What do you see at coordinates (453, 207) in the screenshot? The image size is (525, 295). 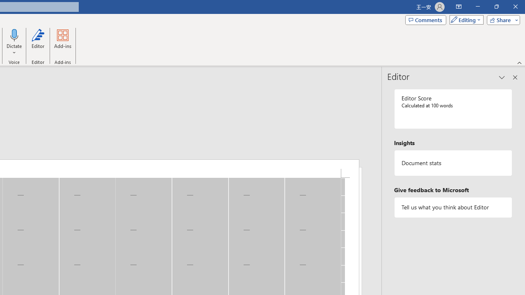 I see `'Tell us what you think about Editor'` at bounding box center [453, 207].